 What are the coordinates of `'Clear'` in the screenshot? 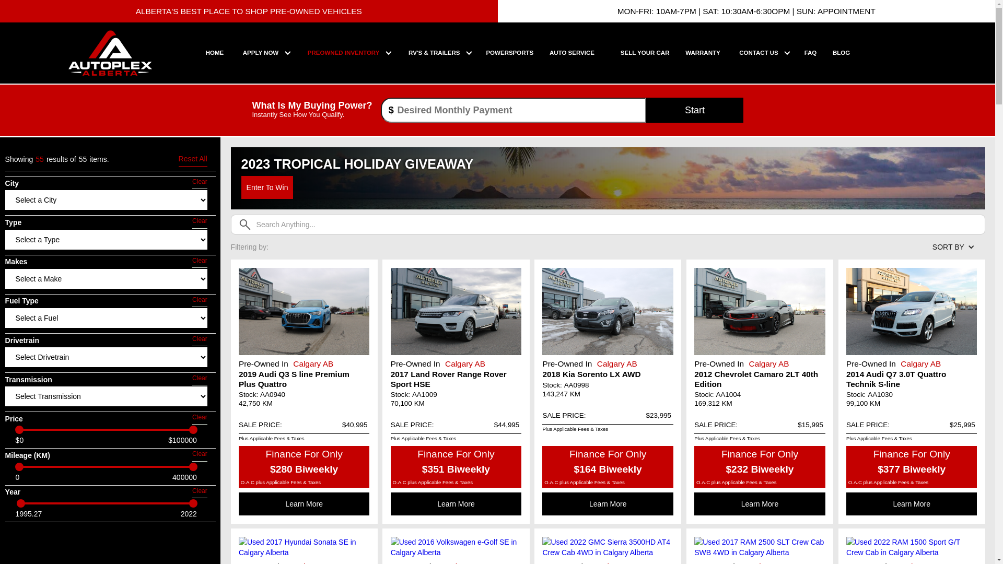 It's located at (200, 300).